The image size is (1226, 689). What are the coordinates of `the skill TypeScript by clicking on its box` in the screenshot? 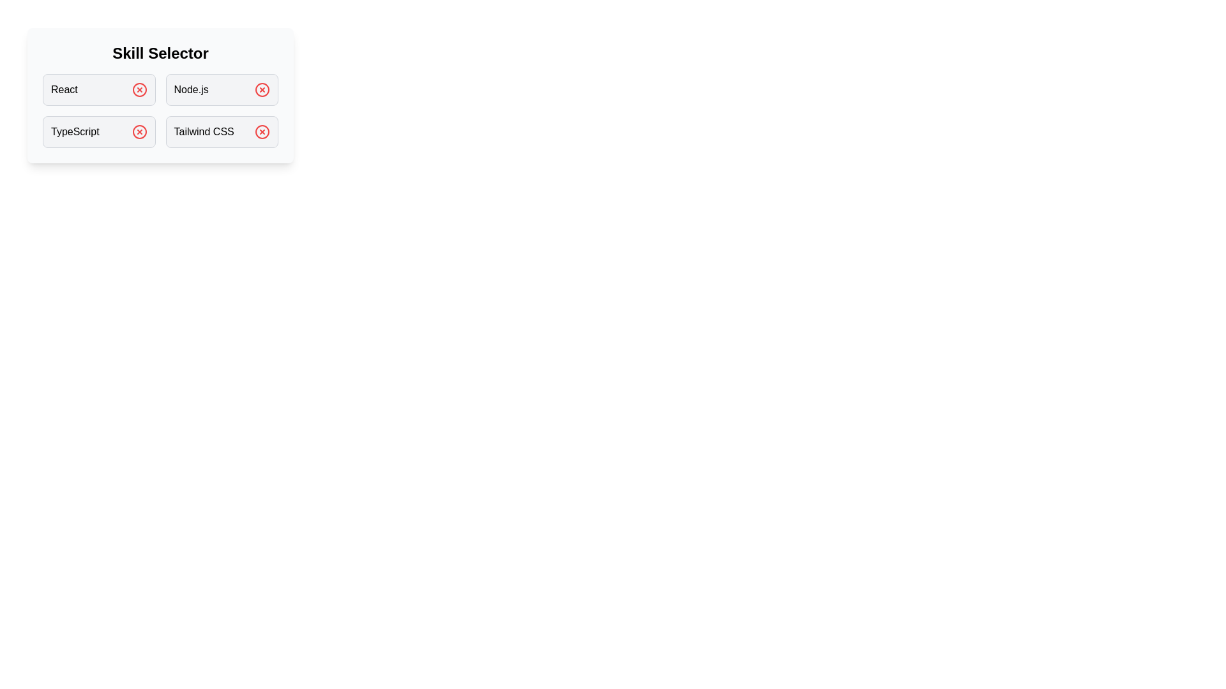 It's located at (98, 132).